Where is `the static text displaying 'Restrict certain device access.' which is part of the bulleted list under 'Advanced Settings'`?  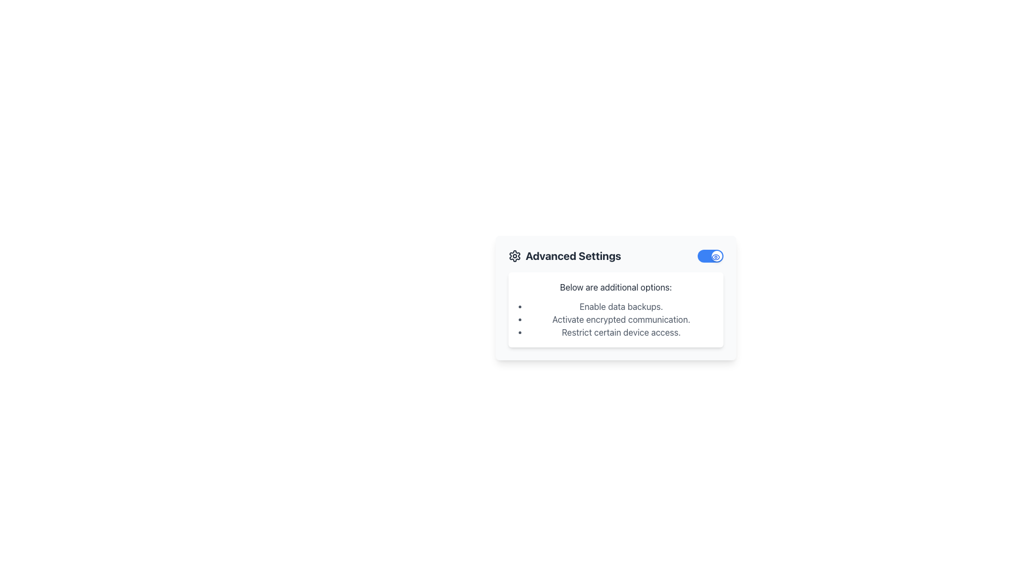
the static text displaying 'Restrict certain device access.' which is part of the bulleted list under 'Advanced Settings' is located at coordinates (621, 331).